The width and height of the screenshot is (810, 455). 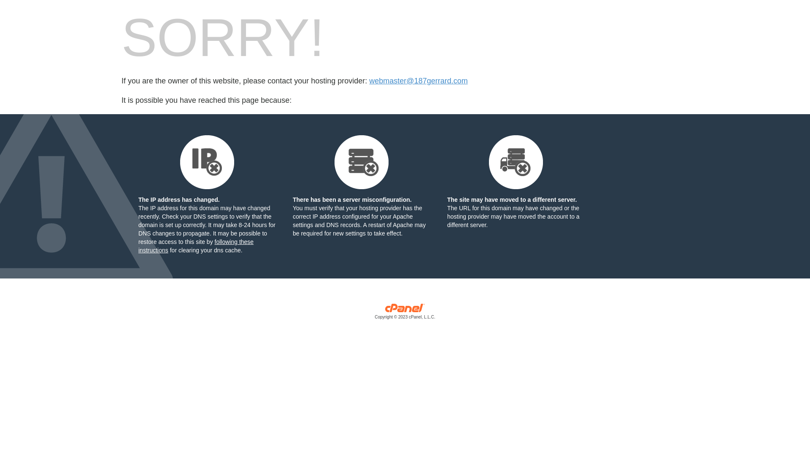 What do you see at coordinates (195, 246) in the screenshot?
I see `'following these instructions'` at bounding box center [195, 246].